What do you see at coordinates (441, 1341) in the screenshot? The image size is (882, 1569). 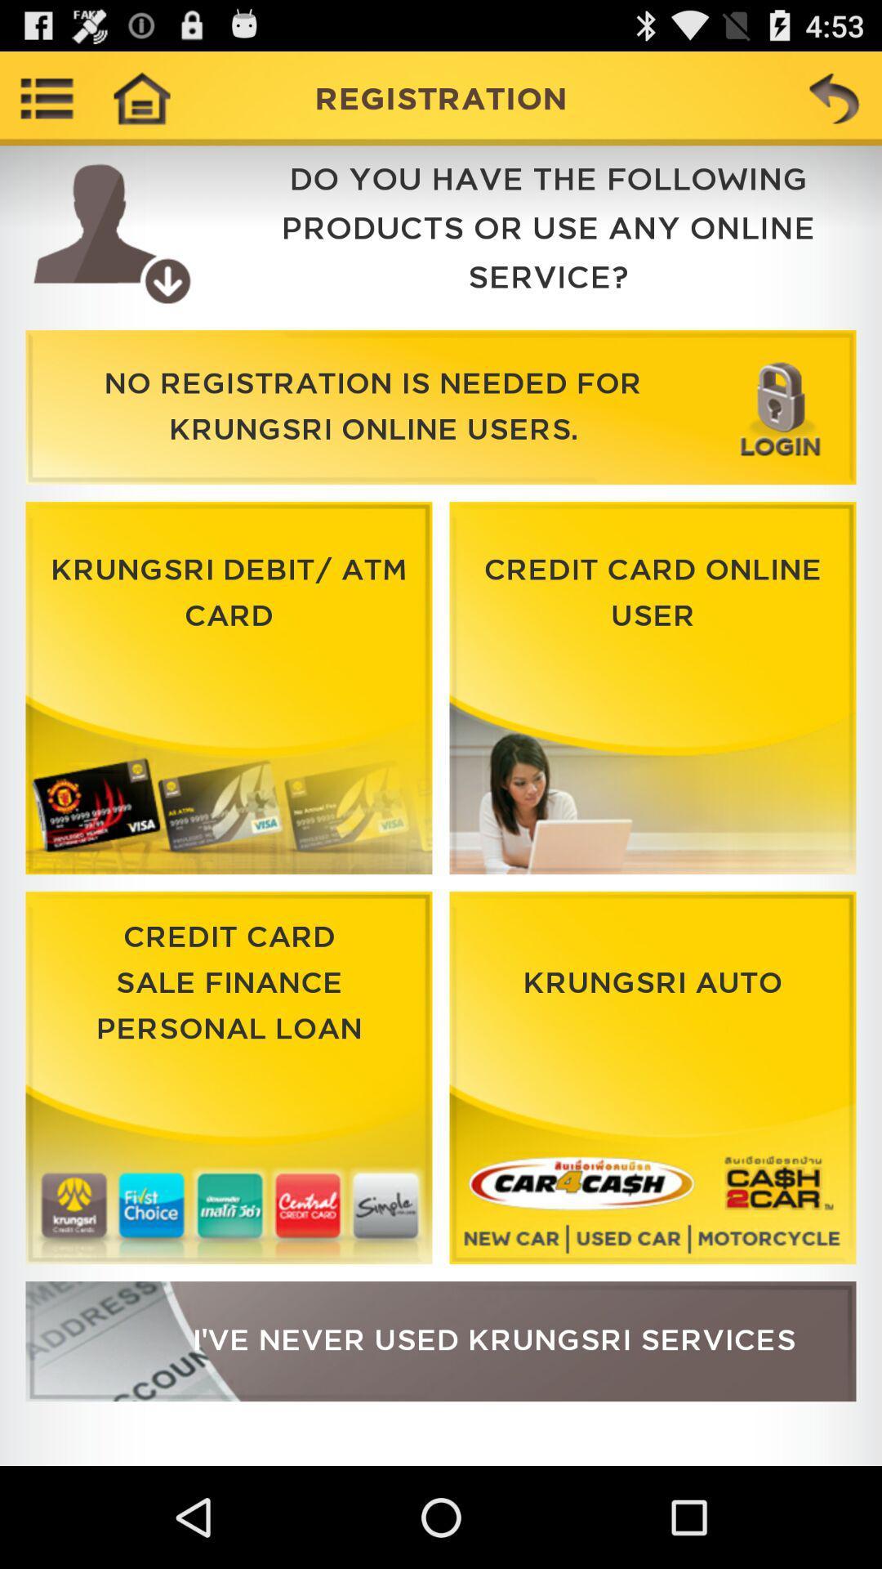 I see `new service user` at bounding box center [441, 1341].